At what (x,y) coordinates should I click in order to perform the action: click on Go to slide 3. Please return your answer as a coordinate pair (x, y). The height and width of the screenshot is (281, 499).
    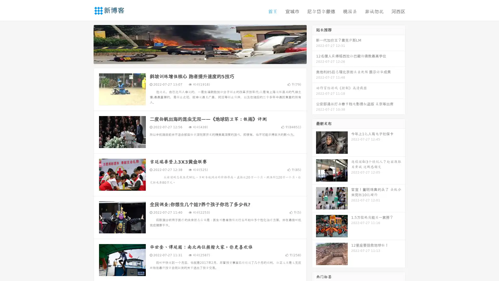
    Looking at the image, I should click on (205, 59).